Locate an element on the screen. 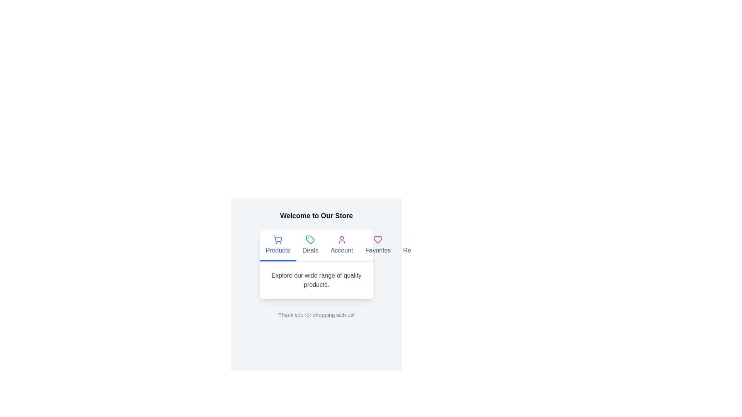  the 'Deals' interactive menu option, which features a green tag icon and the text 'Deals' below it is located at coordinates (310, 245).